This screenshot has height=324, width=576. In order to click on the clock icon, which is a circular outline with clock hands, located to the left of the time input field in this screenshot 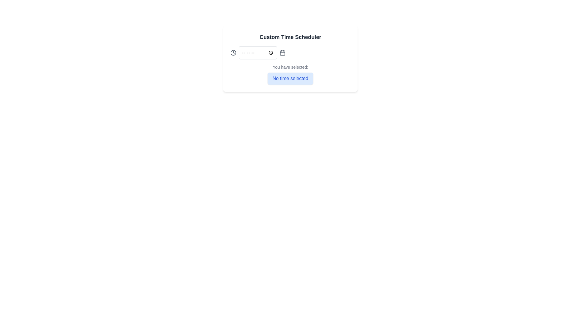, I will do `click(233, 52)`.